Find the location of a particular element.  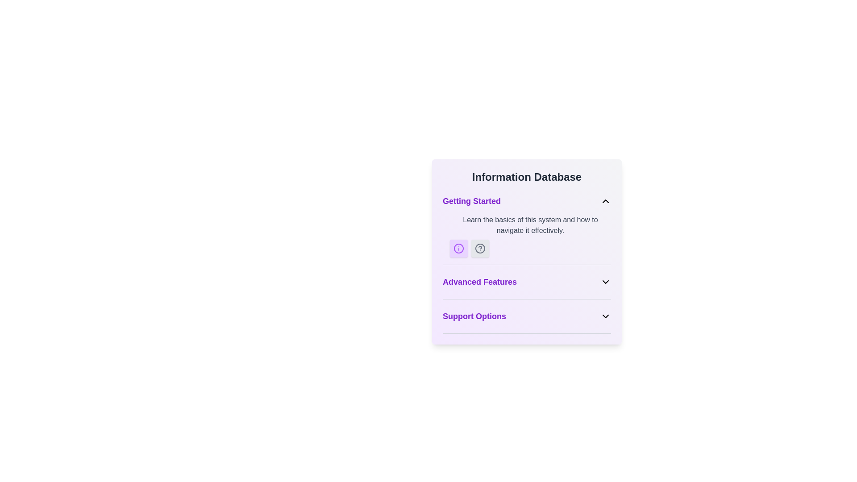

the expand/collapse icon for the 'Support Options' section is located at coordinates (606, 316).